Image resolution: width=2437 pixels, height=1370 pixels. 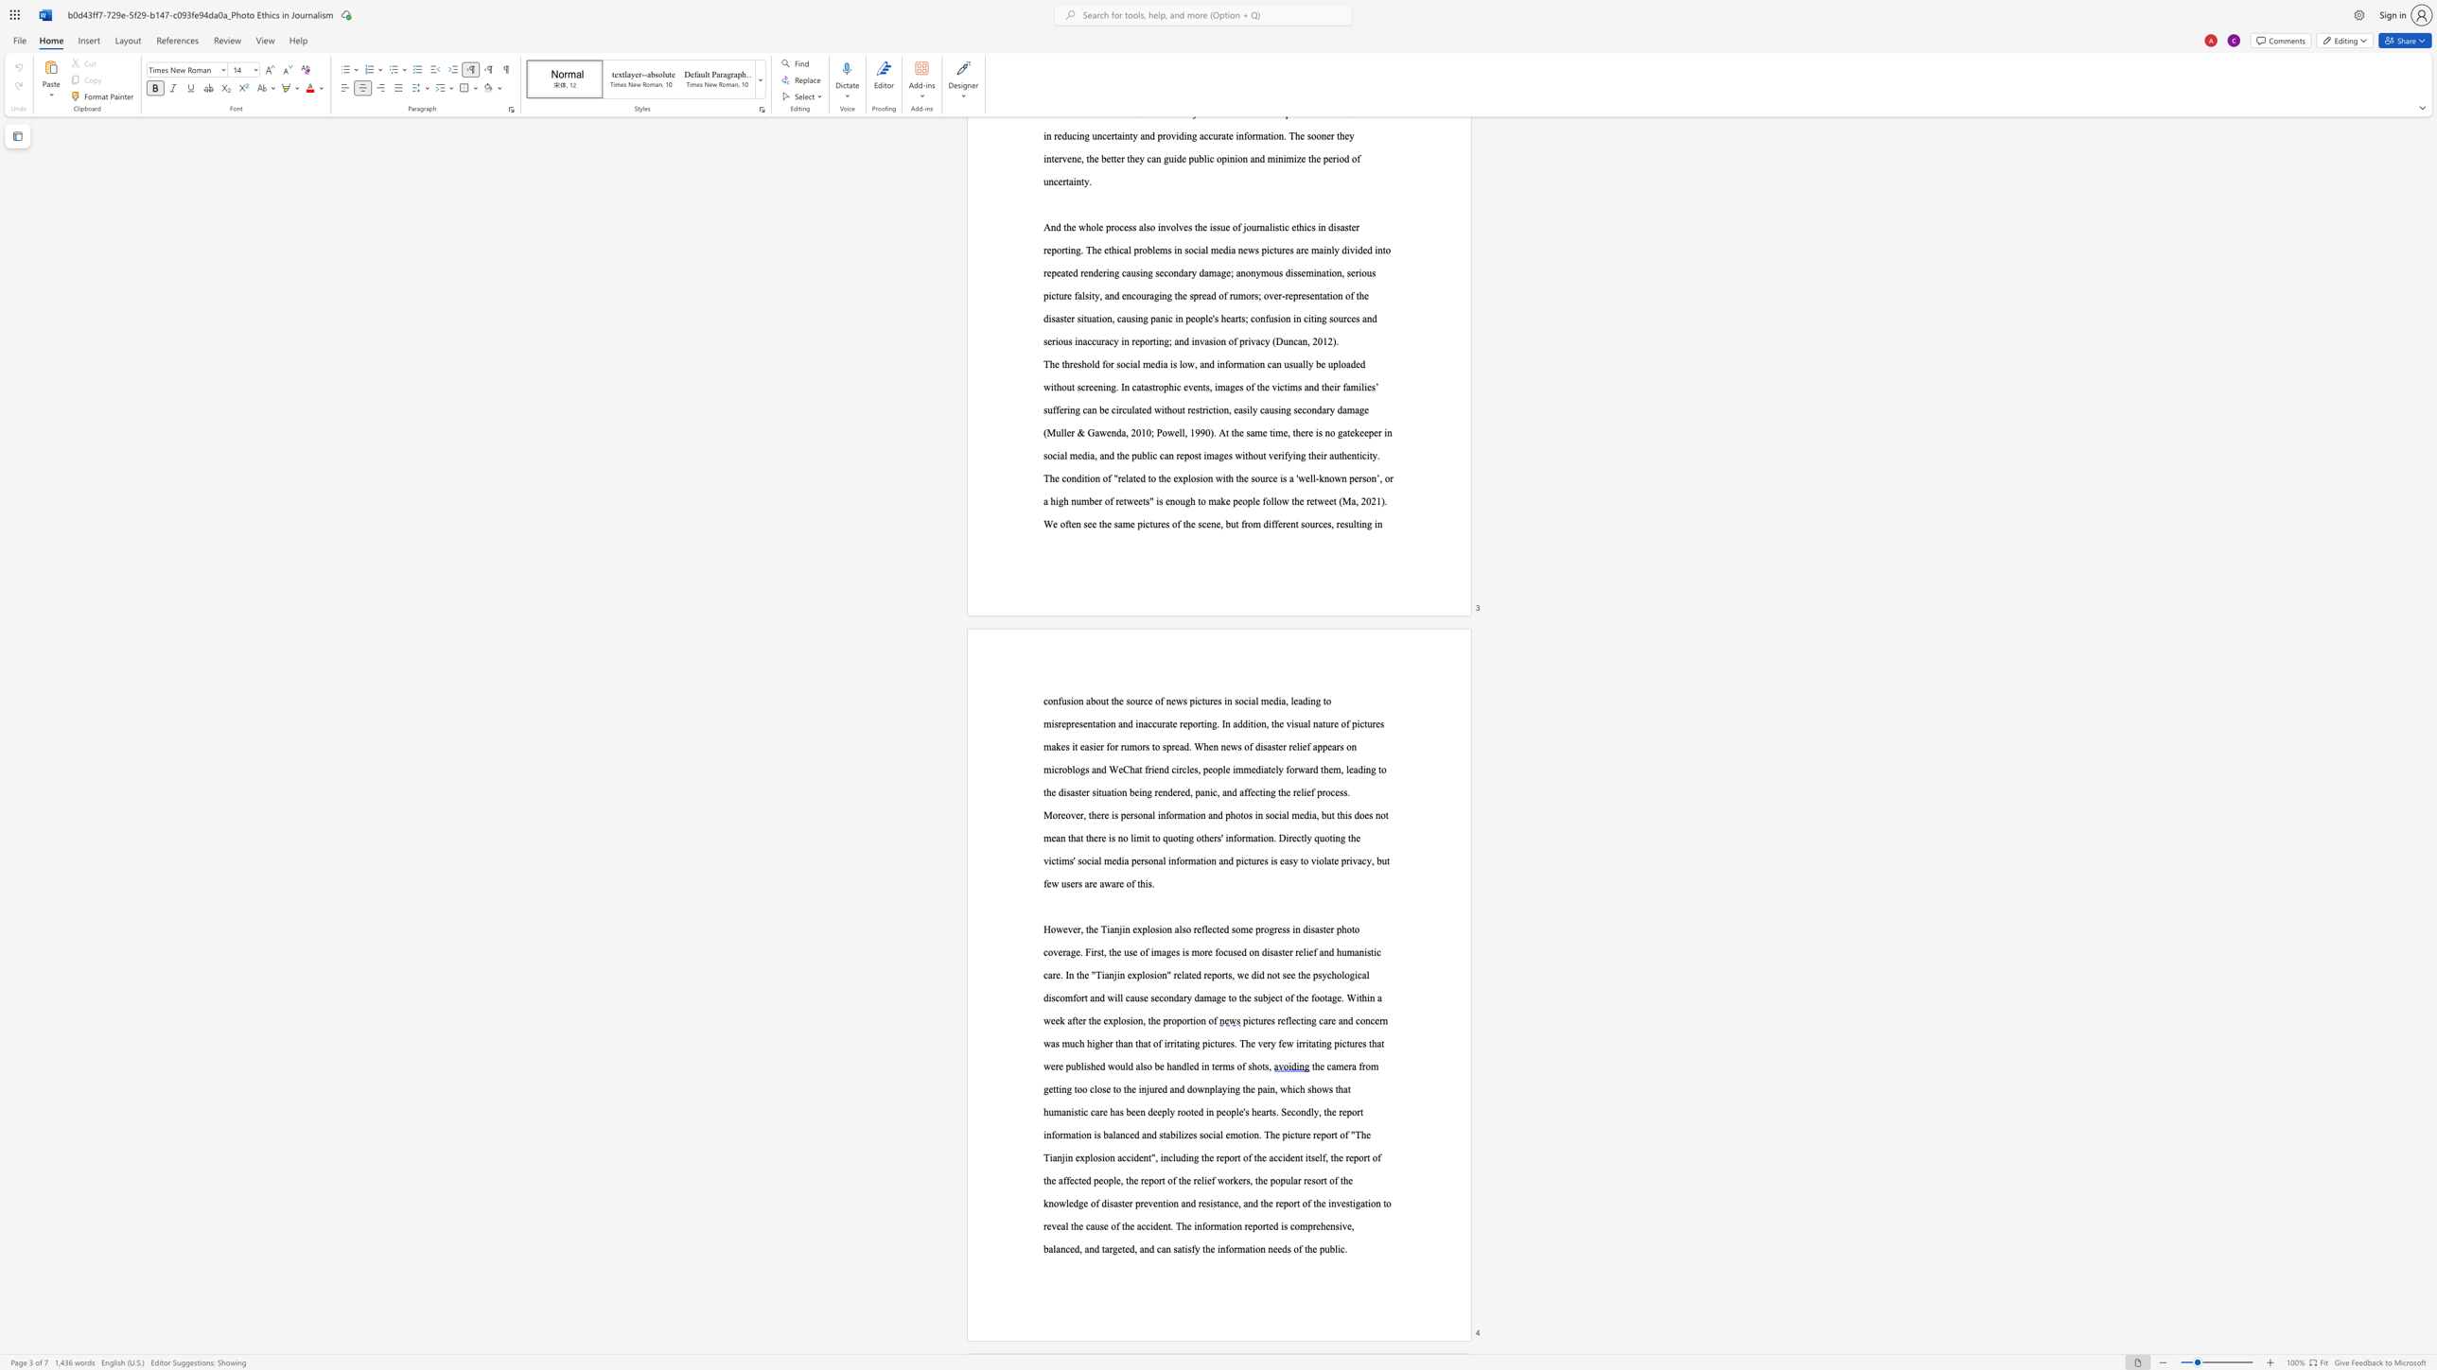 What do you see at coordinates (1125, 1067) in the screenshot?
I see `the subset text "ld also be handled in terms of sh" within the text "pictures reflecting care and concern was much higher than that of irritating pictures. The very few irritating pictures that were published would also be handled in terms of shots,"` at bounding box center [1125, 1067].